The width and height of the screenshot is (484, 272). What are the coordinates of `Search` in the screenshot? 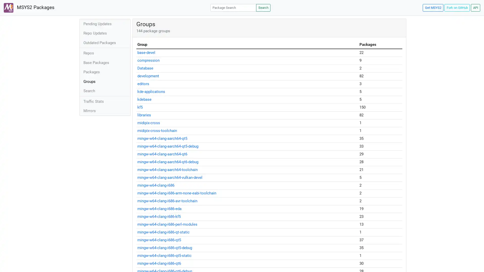 It's located at (263, 8).